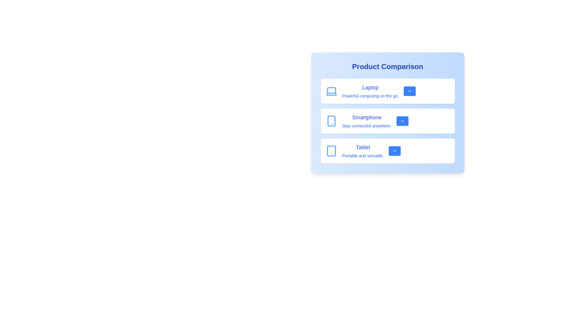 The image size is (575, 323). What do you see at coordinates (331, 91) in the screenshot?
I see `the product icon for Laptop` at bounding box center [331, 91].